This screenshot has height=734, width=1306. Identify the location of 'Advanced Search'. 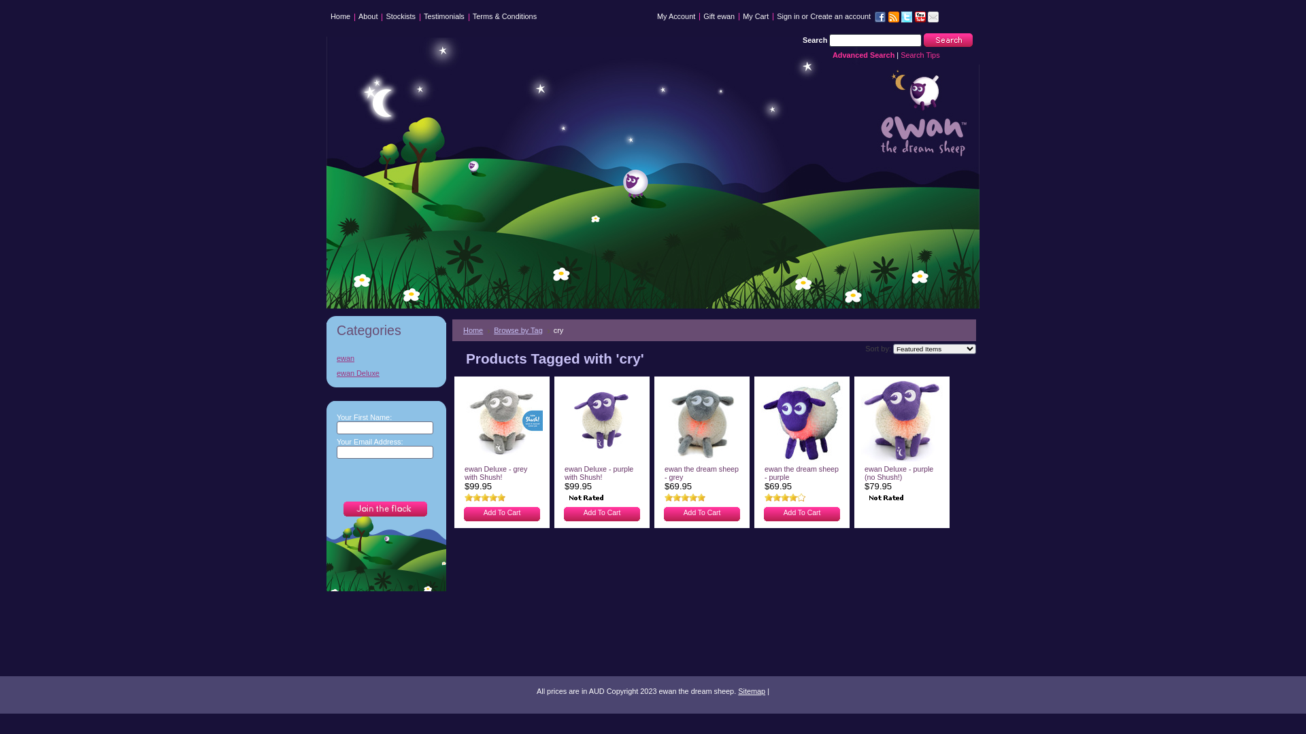
(863, 54).